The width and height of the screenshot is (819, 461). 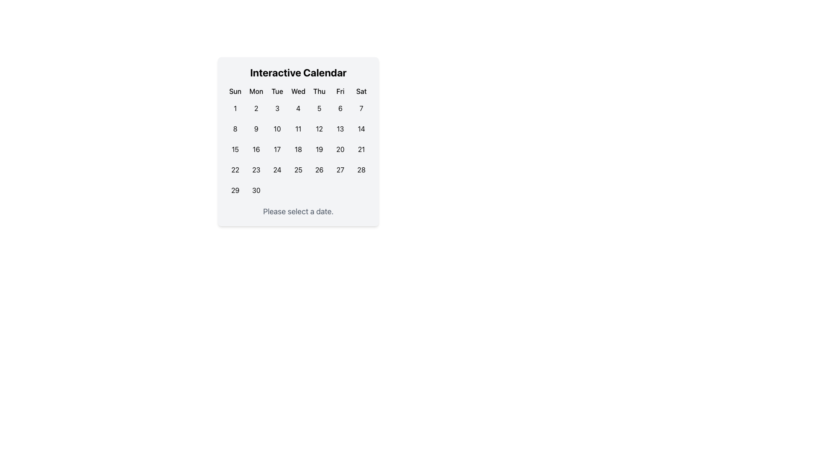 What do you see at coordinates (235, 108) in the screenshot?
I see `the rectangular box containing the numeral '1' in the calendar grid` at bounding box center [235, 108].